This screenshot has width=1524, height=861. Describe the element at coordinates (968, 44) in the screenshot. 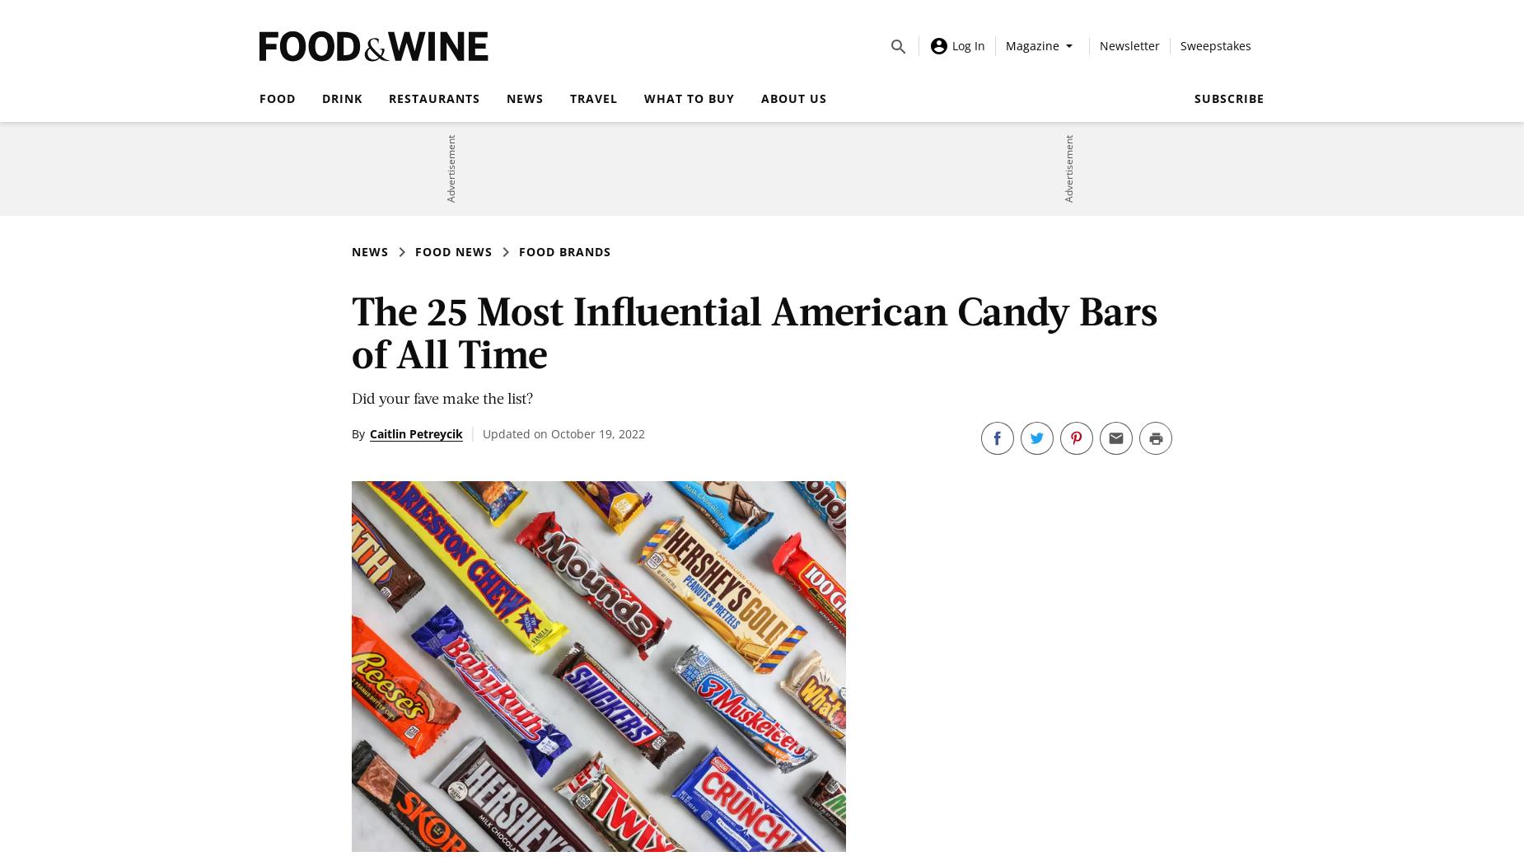

I see `'Log In'` at that location.